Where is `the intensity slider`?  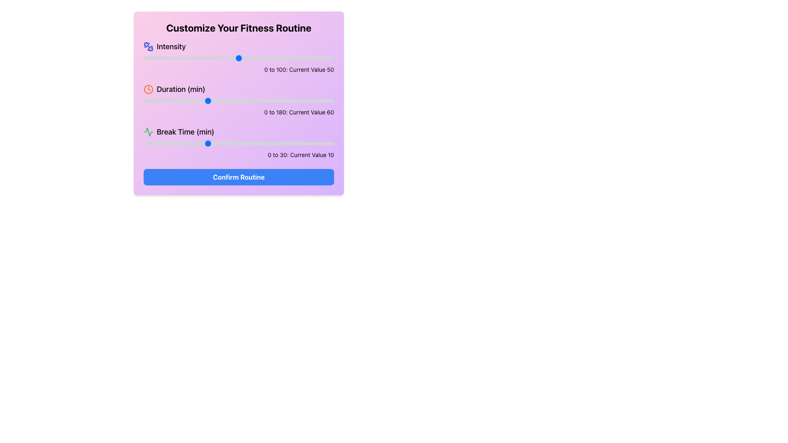
the intensity slider is located at coordinates (311, 58).